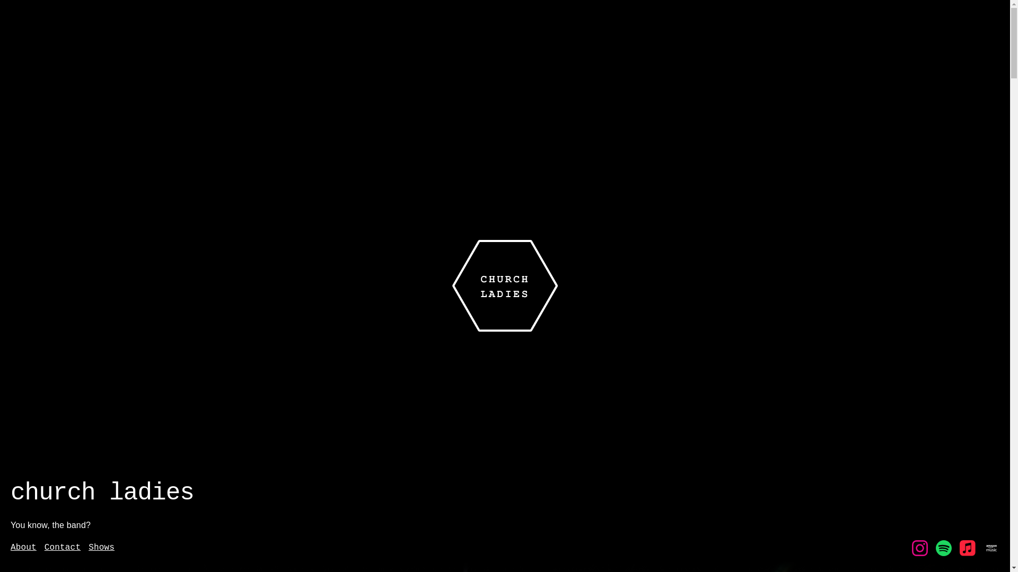  I want to click on 'About', so click(10, 548).